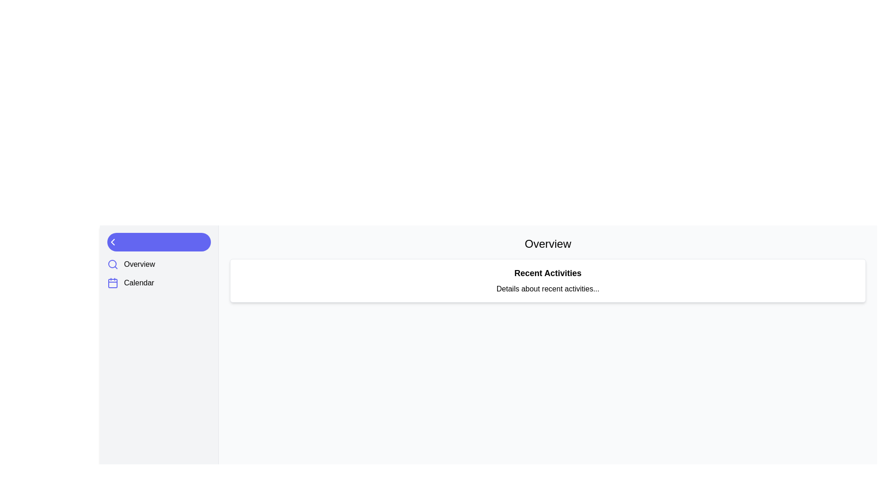 The image size is (892, 502). Describe the element at coordinates (112, 264) in the screenshot. I see `the search icon, which is a circular magnifying glass outlined in indigo, located to the left of the 'Overview' text in the sidebar navigation panel` at that location.